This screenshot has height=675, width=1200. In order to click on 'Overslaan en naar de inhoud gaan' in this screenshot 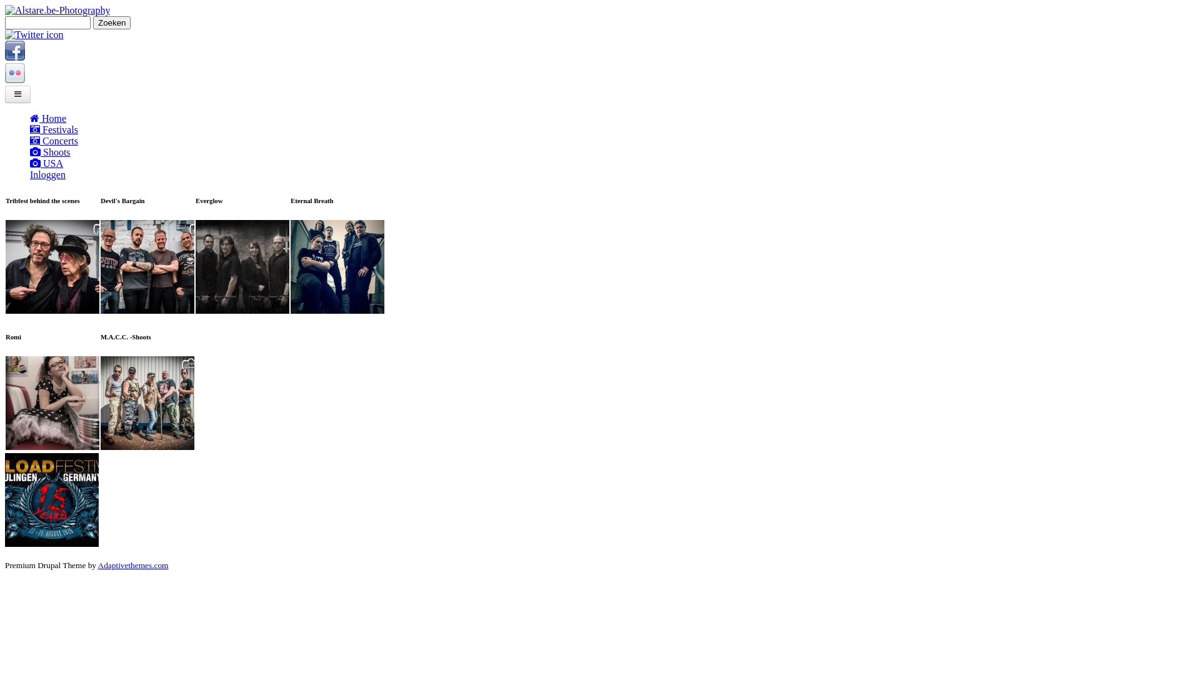, I will do `click(72, 5)`.